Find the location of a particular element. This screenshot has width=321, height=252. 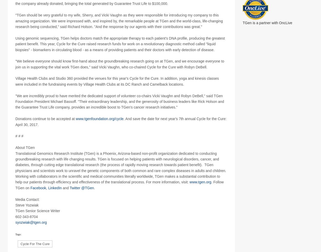

'TGen Senior Science Writer' is located at coordinates (38, 217).